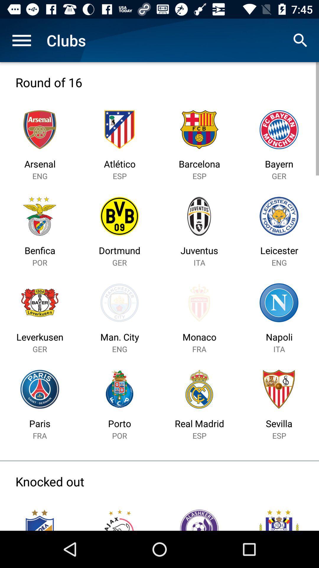 The height and width of the screenshot is (568, 319). Describe the element at coordinates (21, 40) in the screenshot. I see `drop down menu` at that location.